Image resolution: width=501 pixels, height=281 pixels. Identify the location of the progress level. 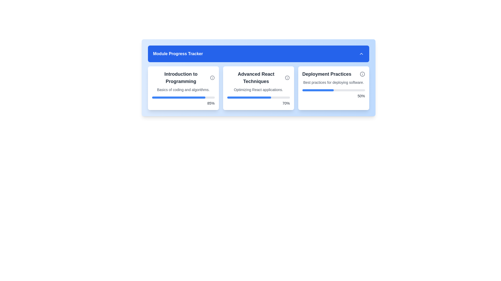
(333, 90).